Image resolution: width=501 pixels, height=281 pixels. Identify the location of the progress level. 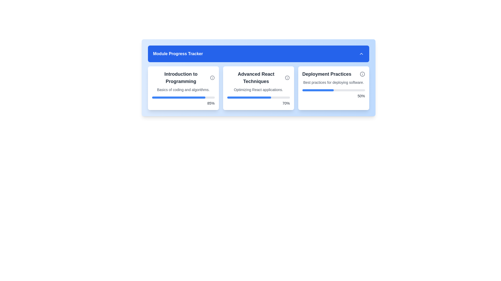
(333, 90).